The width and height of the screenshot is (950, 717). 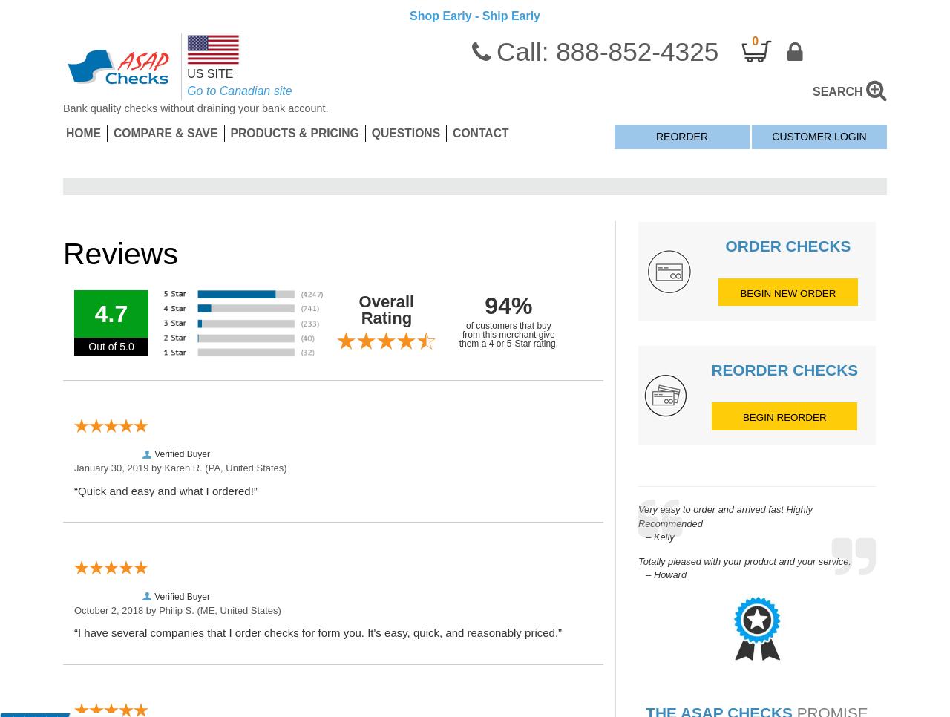 What do you see at coordinates (110, 346) in the screenshot?
I see `'Out of 5.0'` at bounding box center [110, 346].